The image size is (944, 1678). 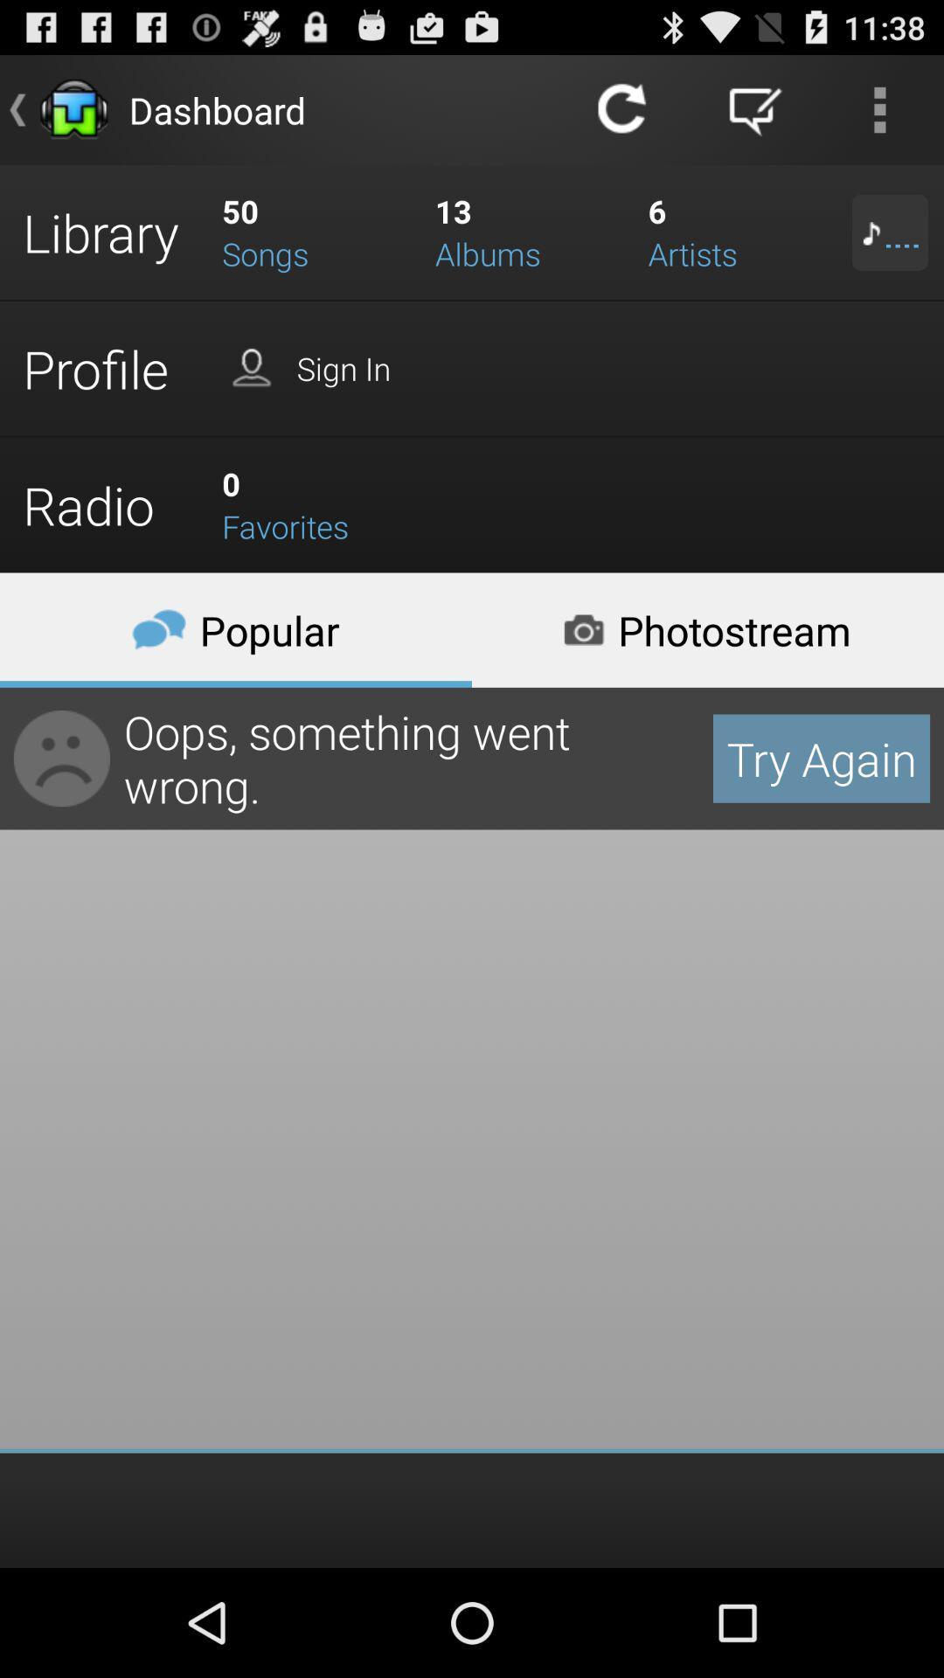 What do you see at coordinates (73, 108) in the screenshot?
I see `left of dashboard` at bounding box center [73, 108].